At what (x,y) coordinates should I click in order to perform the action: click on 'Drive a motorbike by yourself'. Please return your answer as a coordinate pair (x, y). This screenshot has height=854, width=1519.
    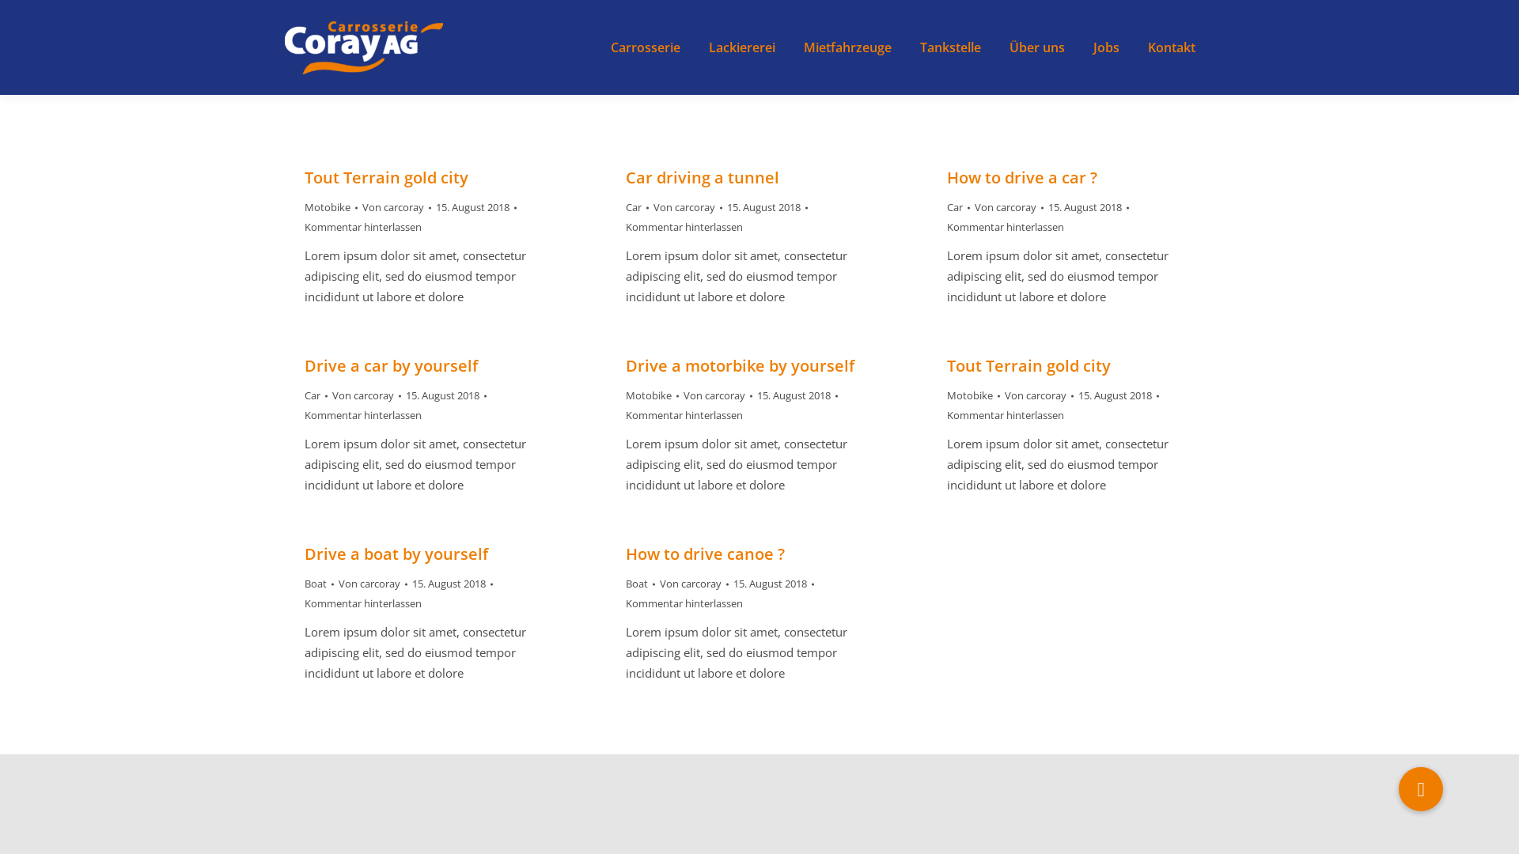
    Looking at the image, I should click on (739, 365).